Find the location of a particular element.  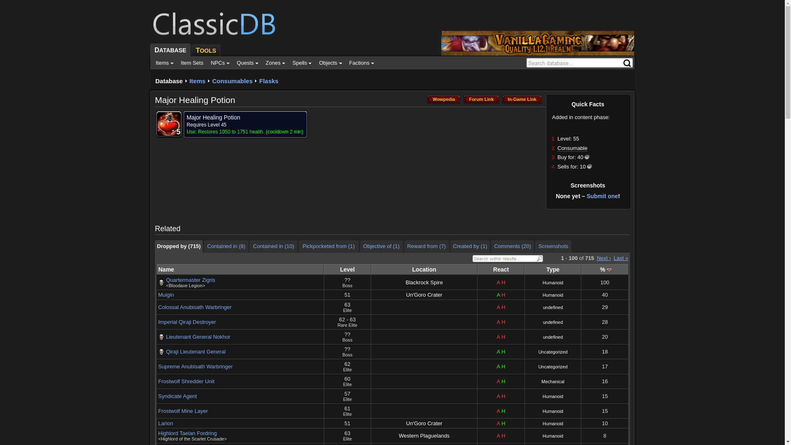

'Location' is located at coordinates (424, 269).